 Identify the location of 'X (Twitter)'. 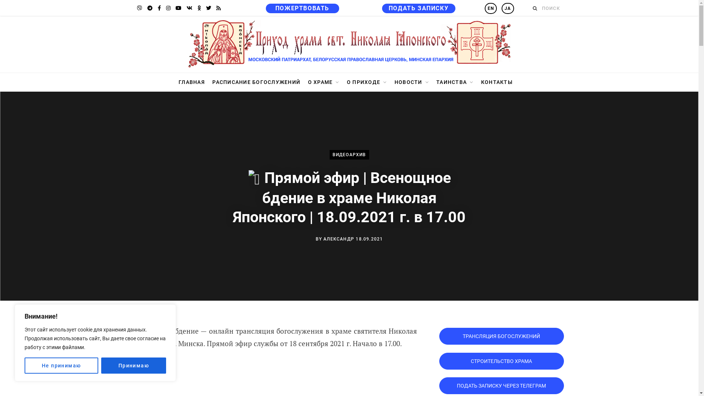
(204, 8).